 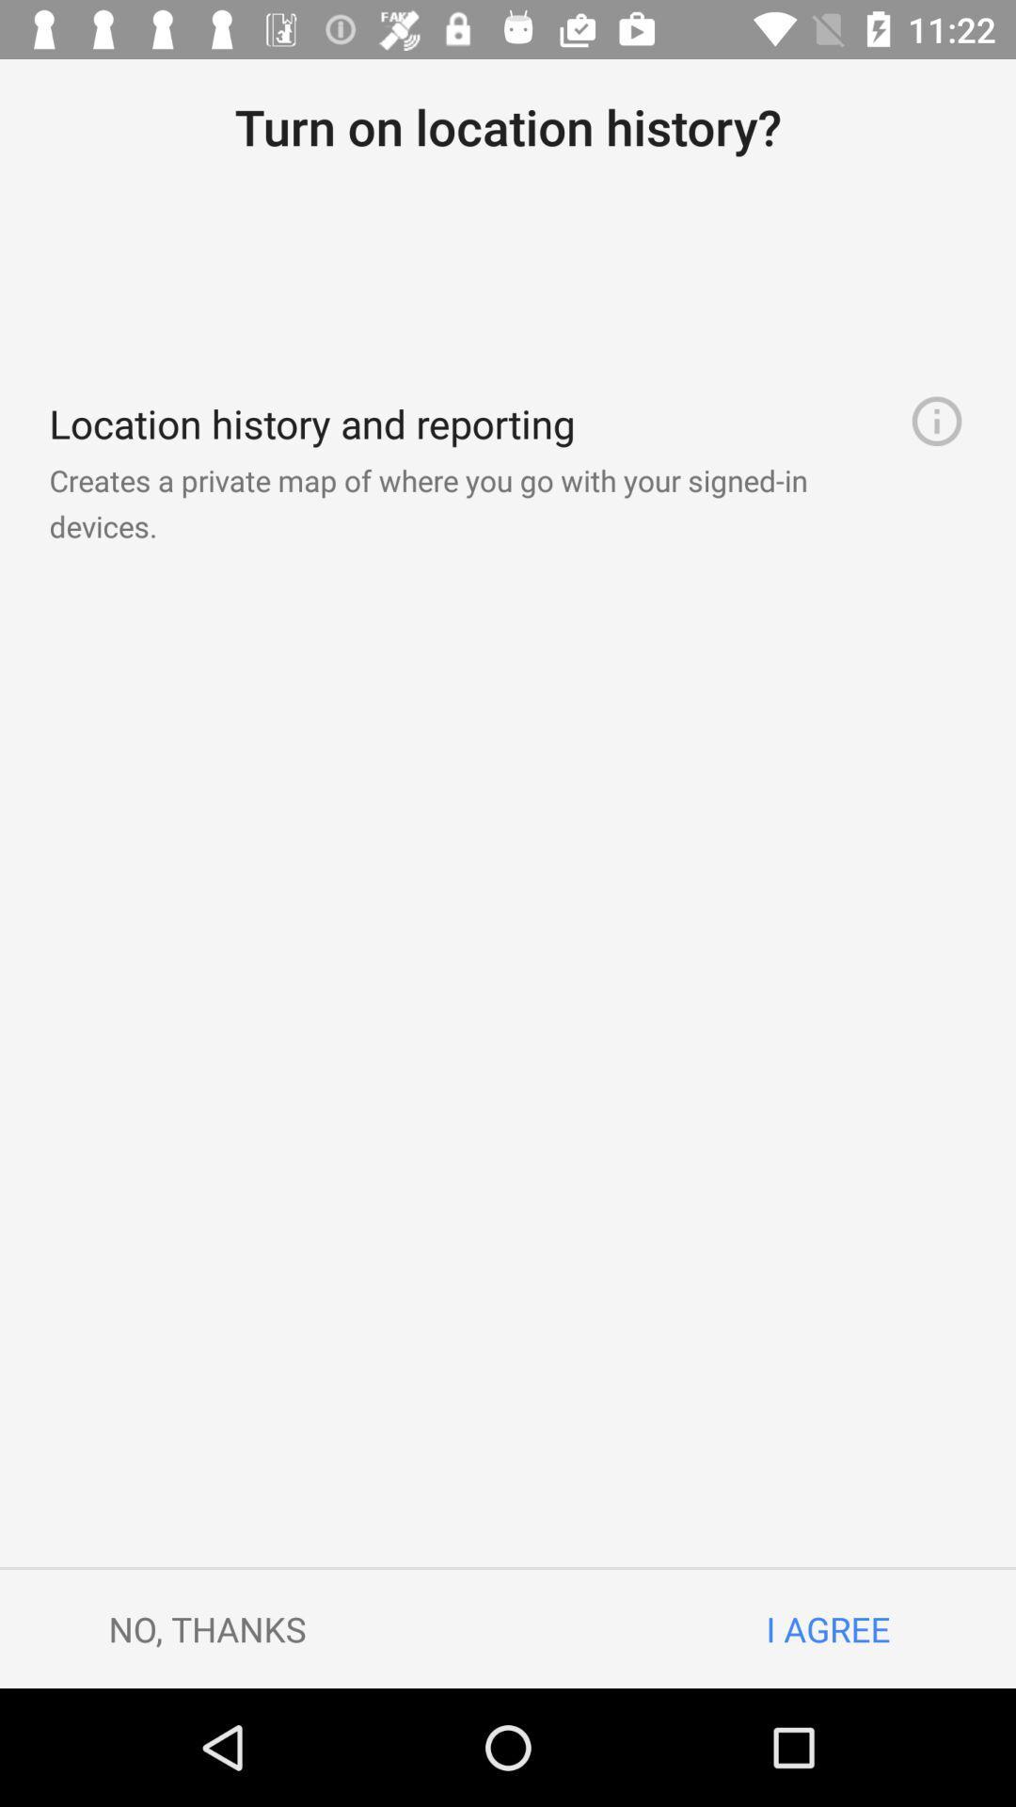 What do you see at coordinates (827, 1628) in the screenshot?
I see `item to the right of the no, thanks item` at bounding box center [827, 1628].